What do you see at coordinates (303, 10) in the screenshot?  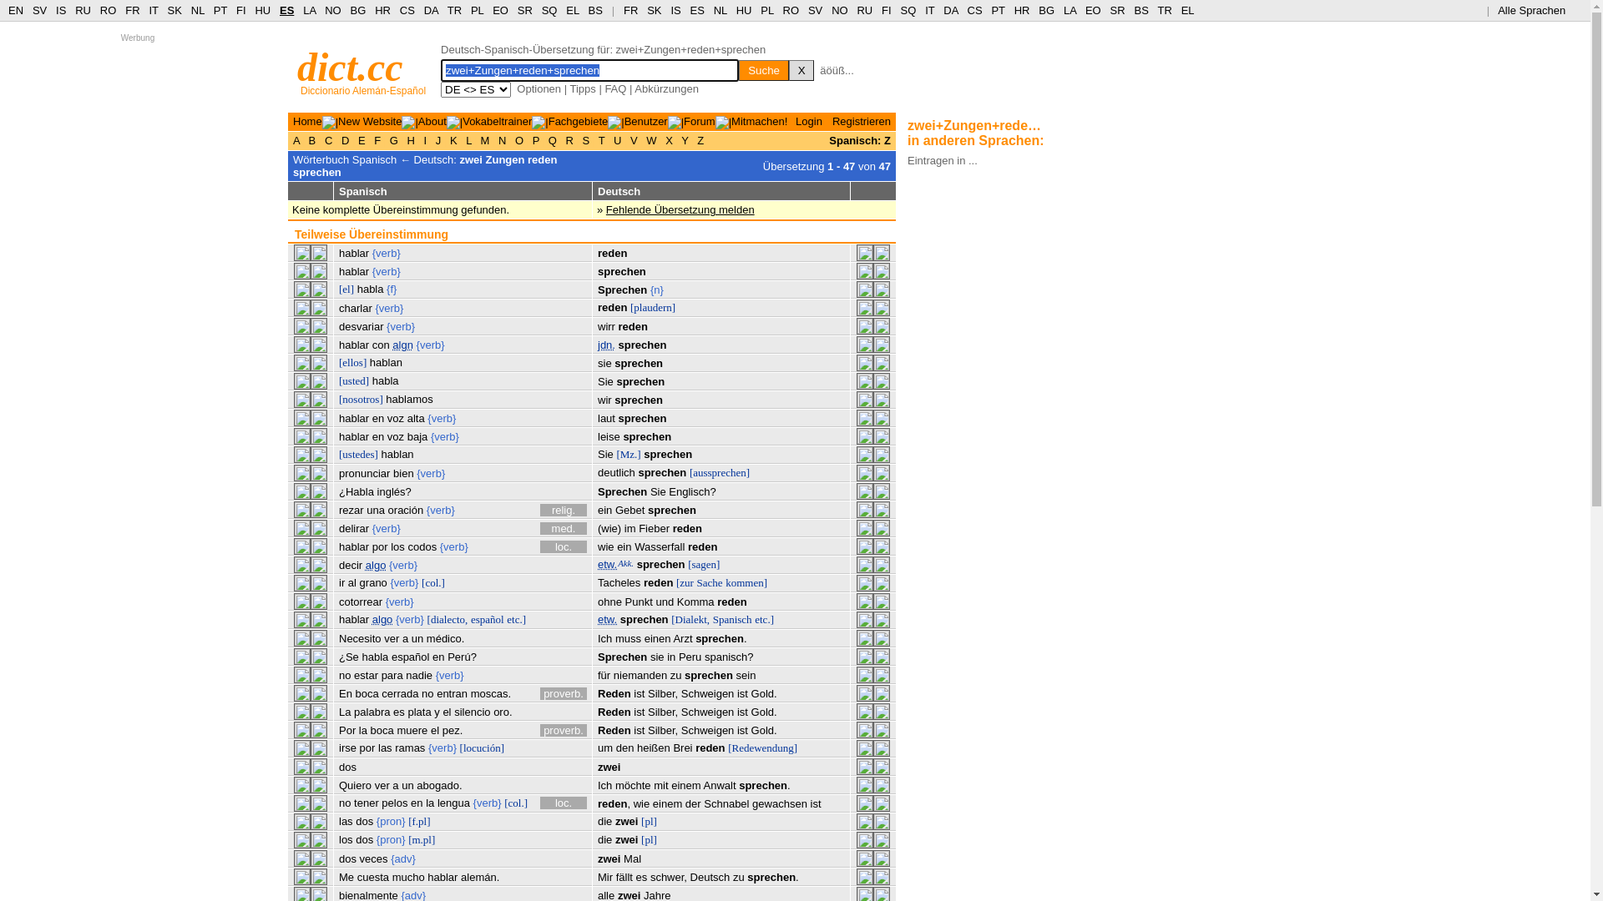 I see `'LA'` at bounding box center [303, 10].